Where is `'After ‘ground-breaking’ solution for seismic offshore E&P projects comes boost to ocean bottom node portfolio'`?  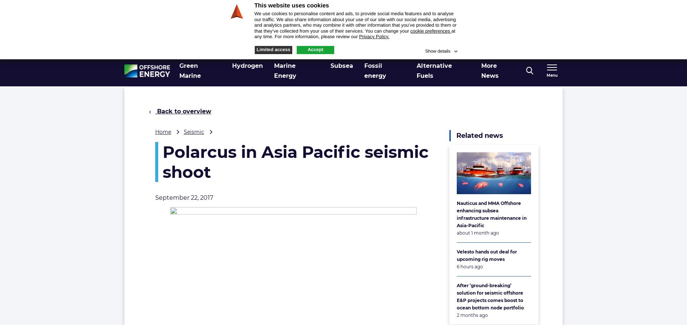 'After ‘ground-breaking’ solution for seismic offshore E&P projects comes boost to ocean bottom node portfolio' is located at coordinates (490, 296).